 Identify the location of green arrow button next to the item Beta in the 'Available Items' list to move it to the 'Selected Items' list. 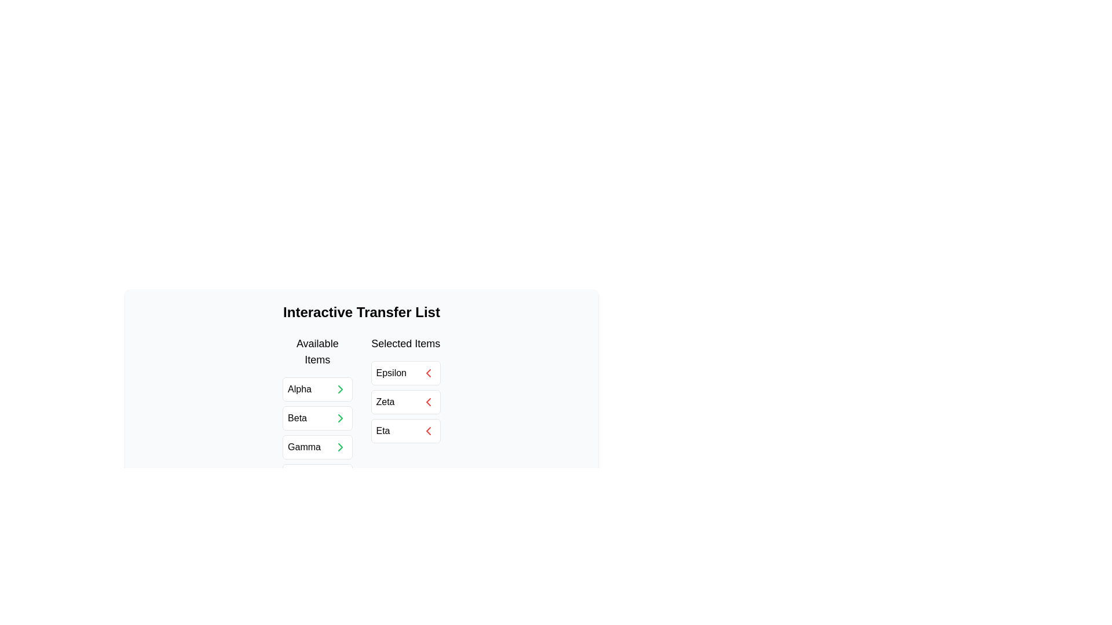
(339, 418).